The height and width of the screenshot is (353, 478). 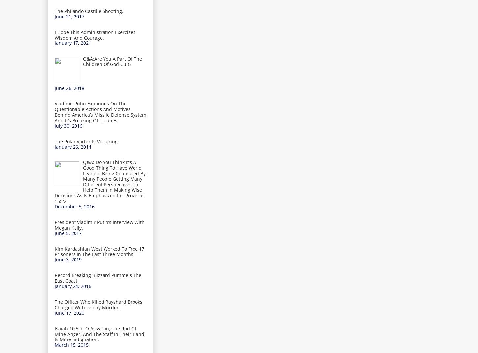 What do you see at coordinates (68, 232) in the screenshot?
I see `'June 5, 2017'` at bounding box center [68, 232].